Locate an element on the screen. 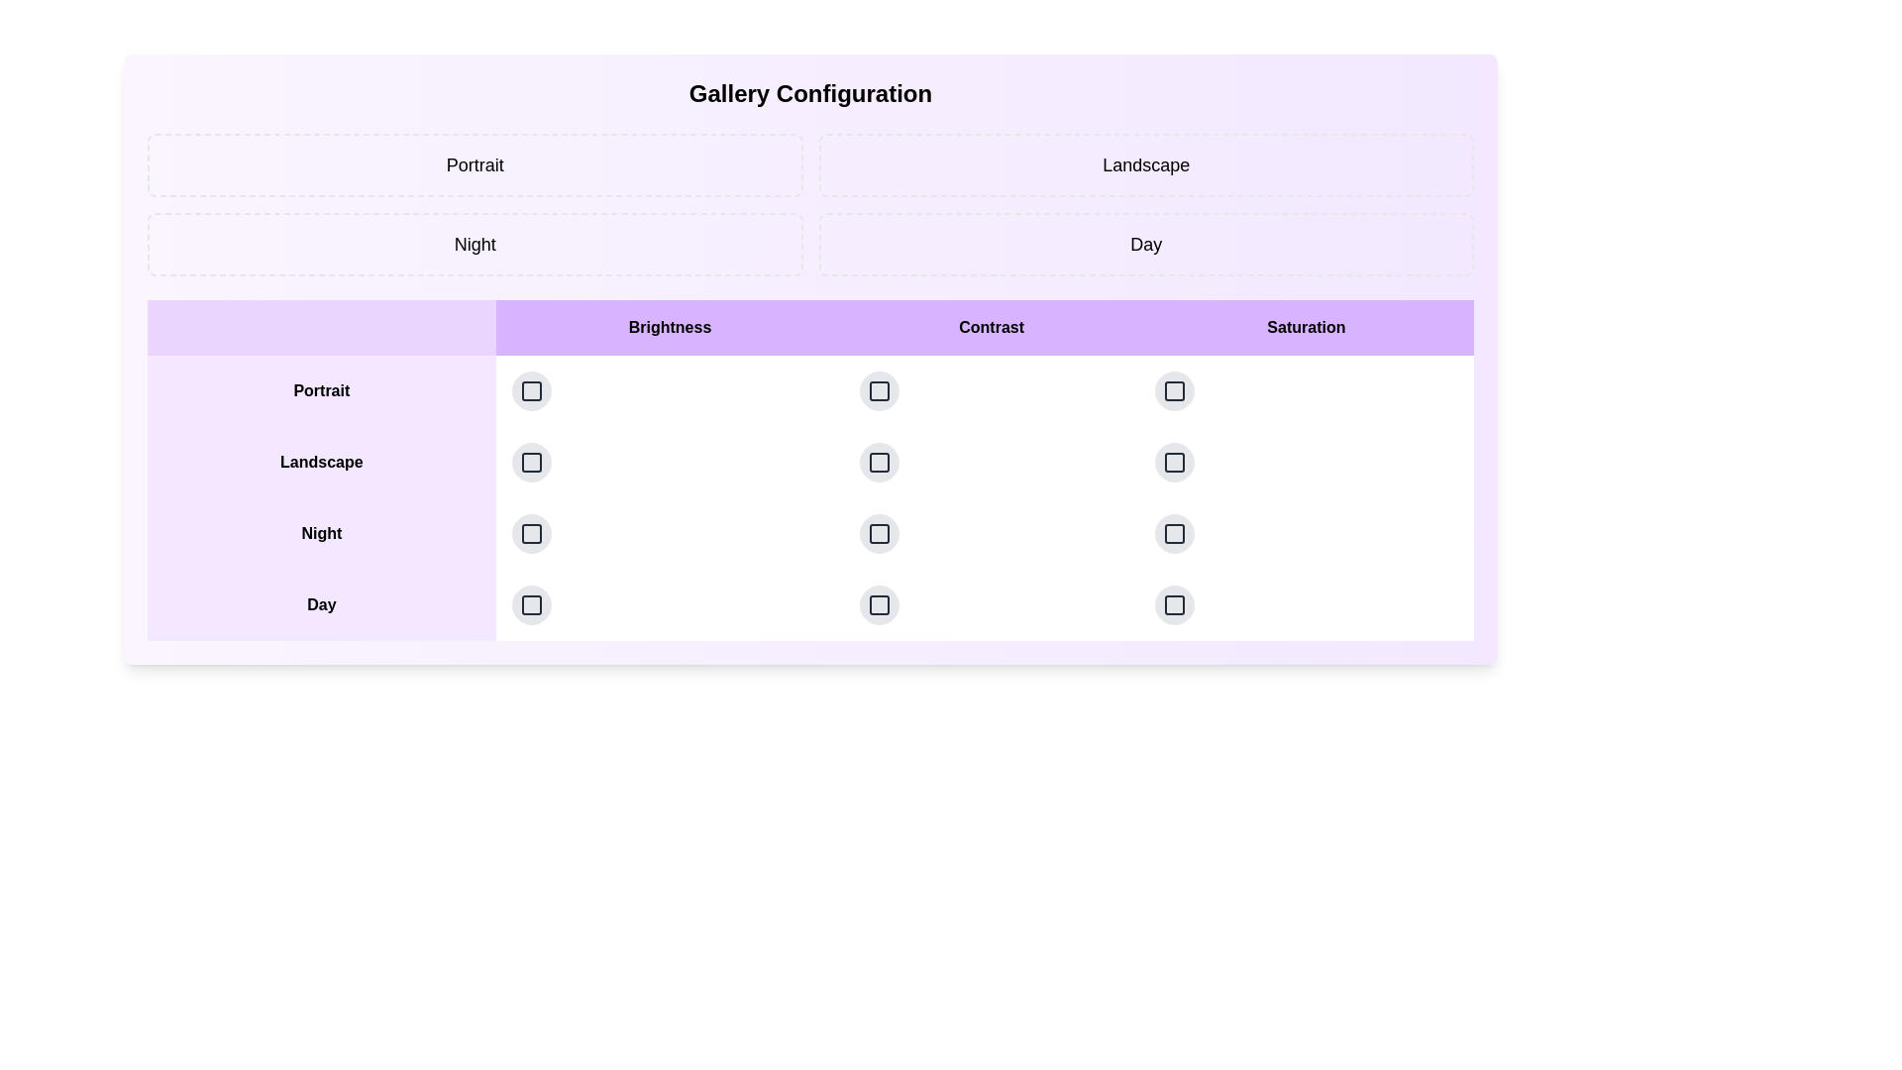  the text label element that contains the word 'Landscape', which is styled with center alignment and is positioned in the second row of a four-section grid is located at coordinates (1146, 163).